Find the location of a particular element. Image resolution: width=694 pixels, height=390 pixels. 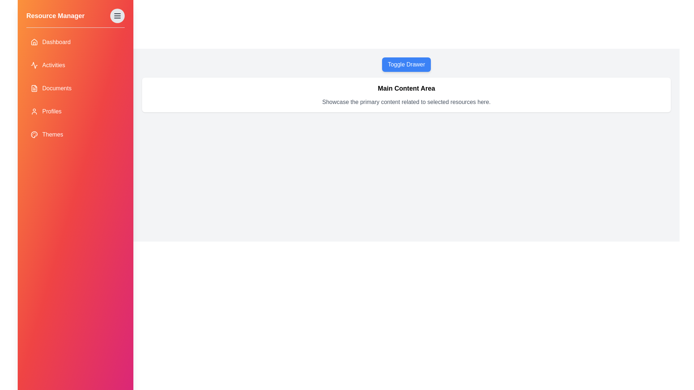

the 'Resource Manager' header in the drawer is located at coordinates (76, 18).